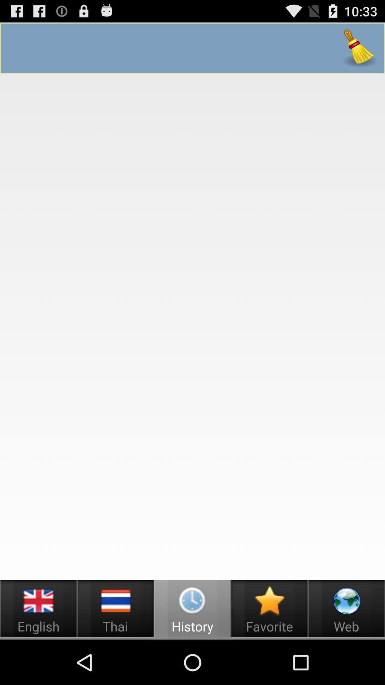 The width and height of the screenshot is (385, 685). I want to click on icon at the top right corner, so click(360, 48).